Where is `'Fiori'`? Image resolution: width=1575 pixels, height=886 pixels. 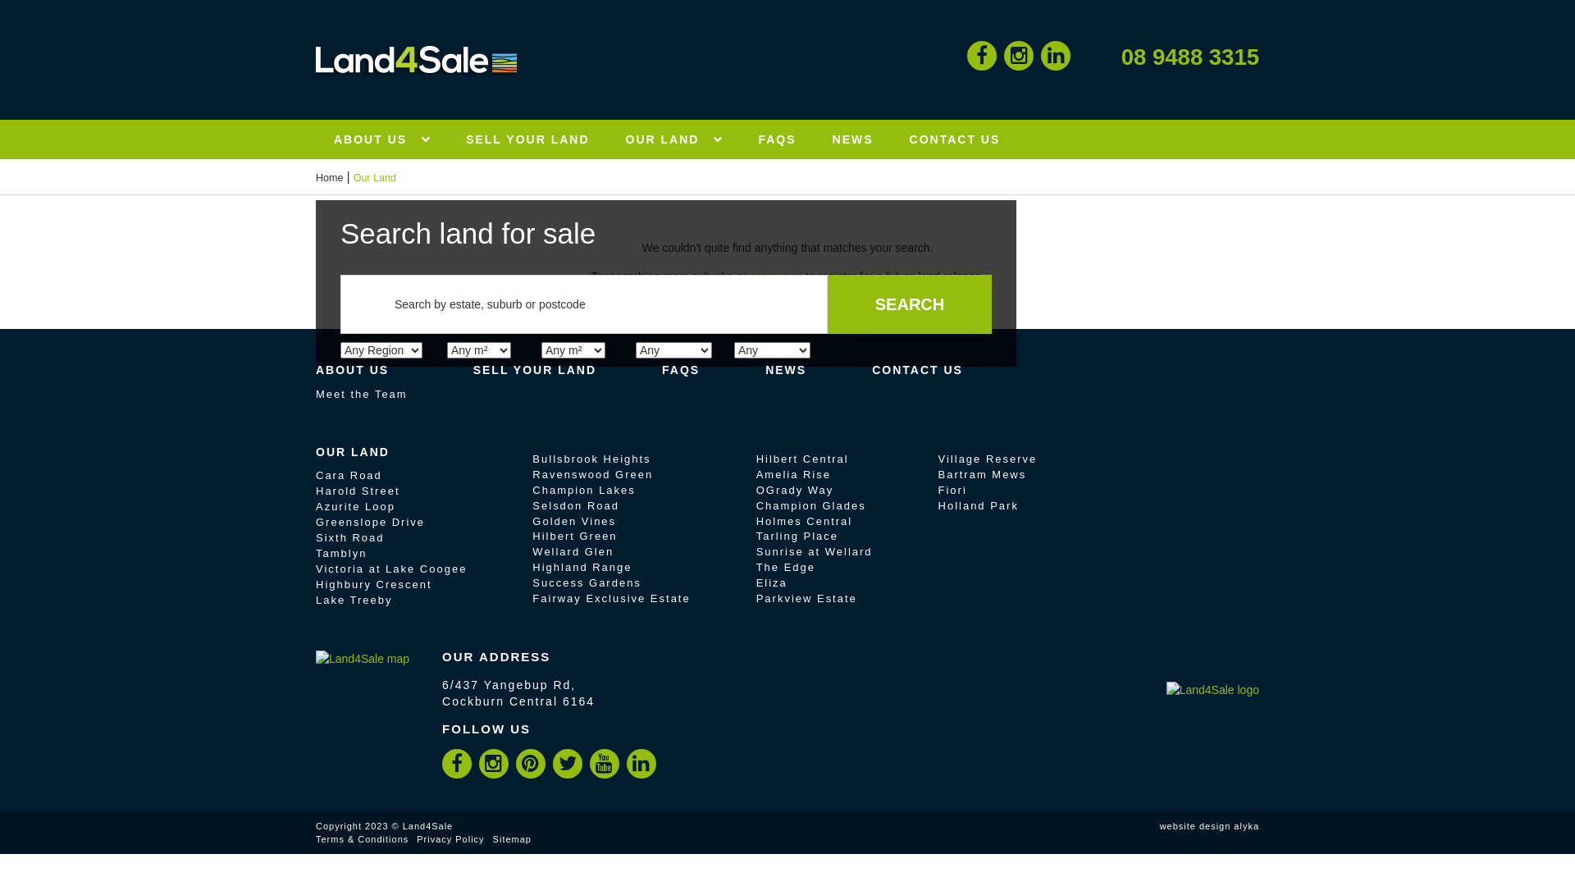 'Fiori' is located at coordinates (952, 489).